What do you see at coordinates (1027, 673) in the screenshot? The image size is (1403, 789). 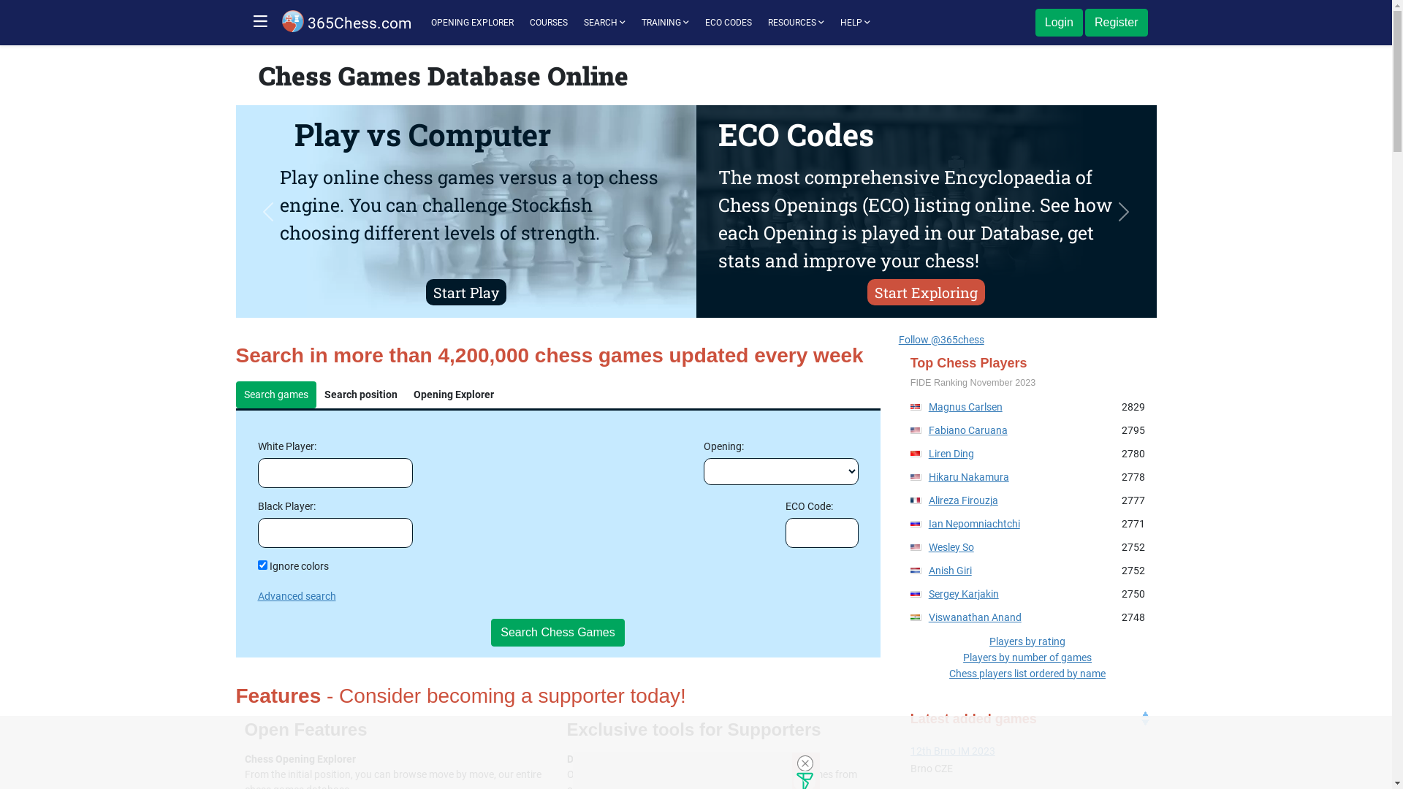 I see `'Chess players list ordered by name'` at bounding box center [1027, 673].